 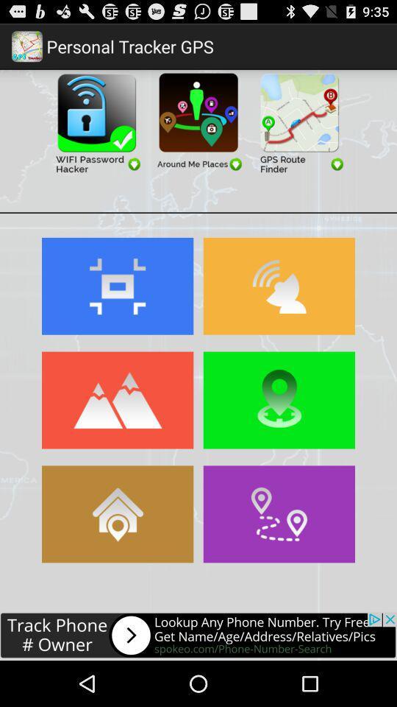 What do you see at coordinates (96, 121) in the screenshot?
I see `click on advertisement` at bounding box center [96, 121].